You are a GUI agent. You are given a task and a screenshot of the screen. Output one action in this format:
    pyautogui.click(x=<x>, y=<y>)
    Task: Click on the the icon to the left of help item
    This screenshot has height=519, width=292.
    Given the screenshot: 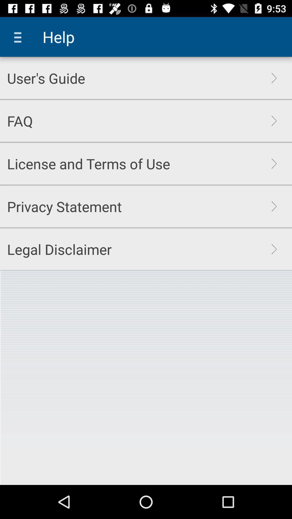 What is the action you would take?
    pyautogui.click(x=19, y=36)
    